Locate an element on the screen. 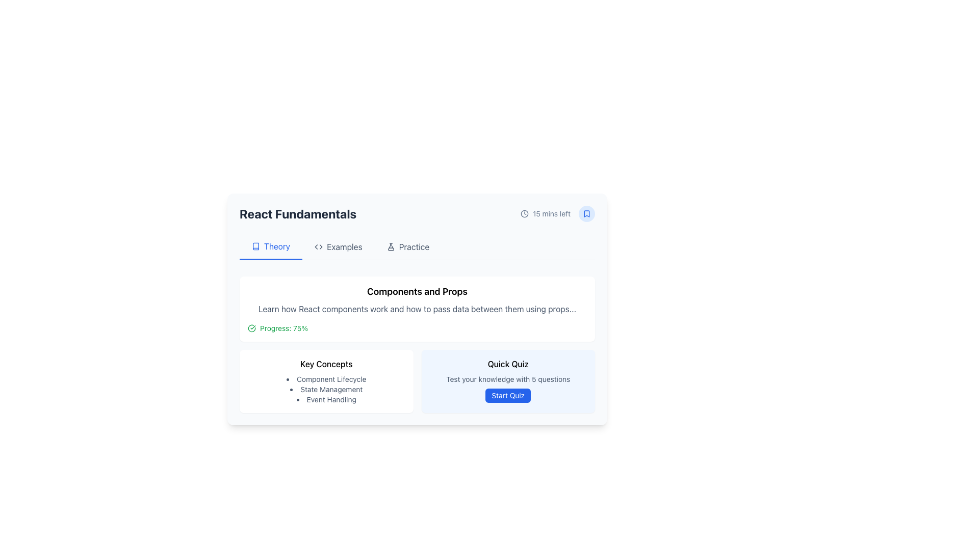 The image size is (979, 550). the laboratory flask icon located to the left of the 'Practice' text within the 'Practice' button is located at coordinates (390, 247).